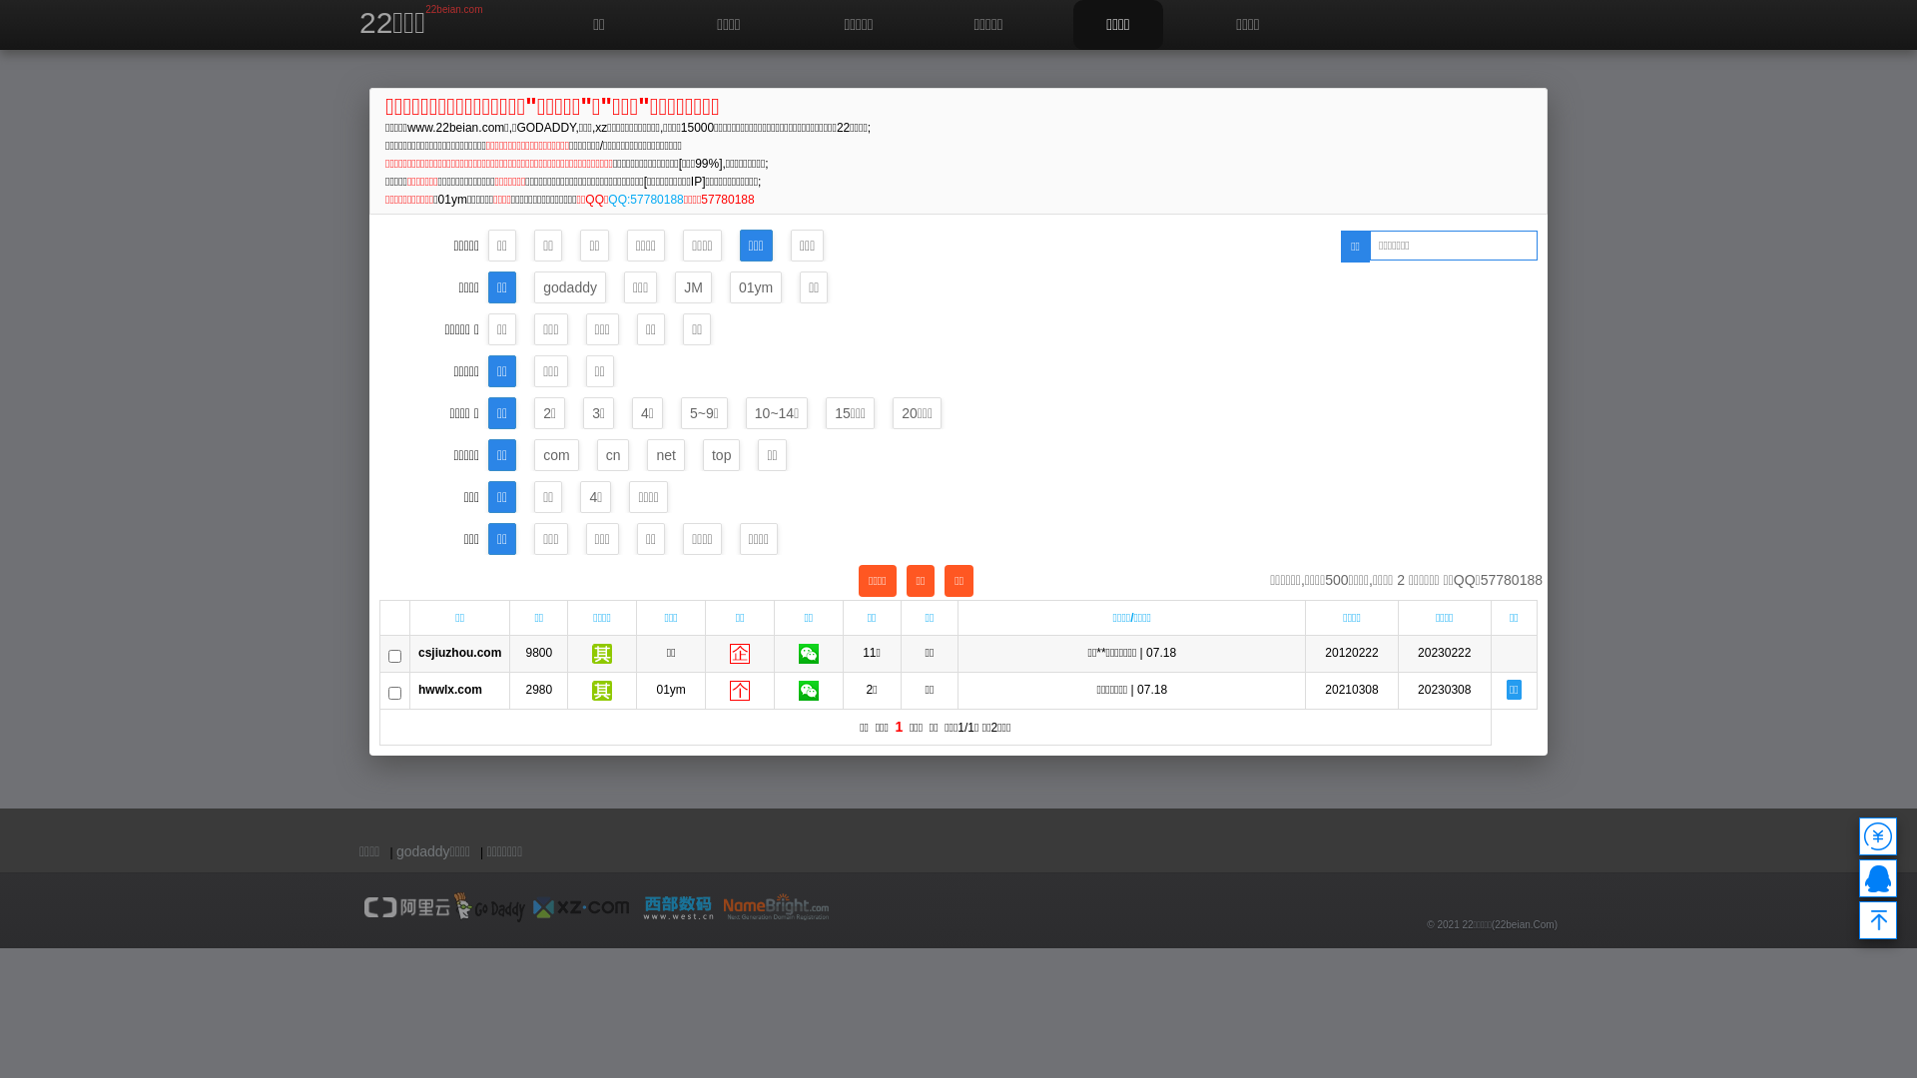 Image resolution: width=1917 pixels, height=1078 pixels. I want to click on '01ym', so click(729, 287).